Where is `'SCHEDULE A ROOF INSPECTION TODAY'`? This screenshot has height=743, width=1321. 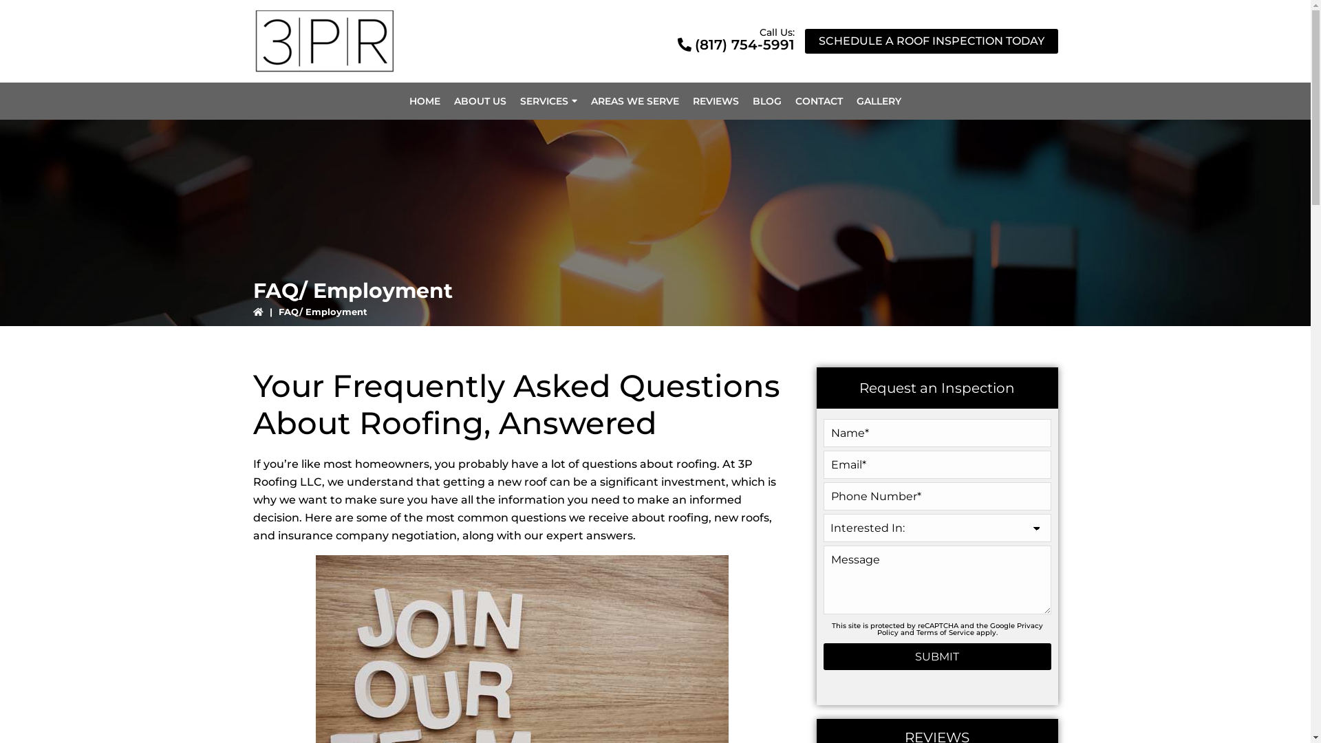 'SCHEDULE A ROOF INSPECTION TODAY' is located at coordinates (931, 41).